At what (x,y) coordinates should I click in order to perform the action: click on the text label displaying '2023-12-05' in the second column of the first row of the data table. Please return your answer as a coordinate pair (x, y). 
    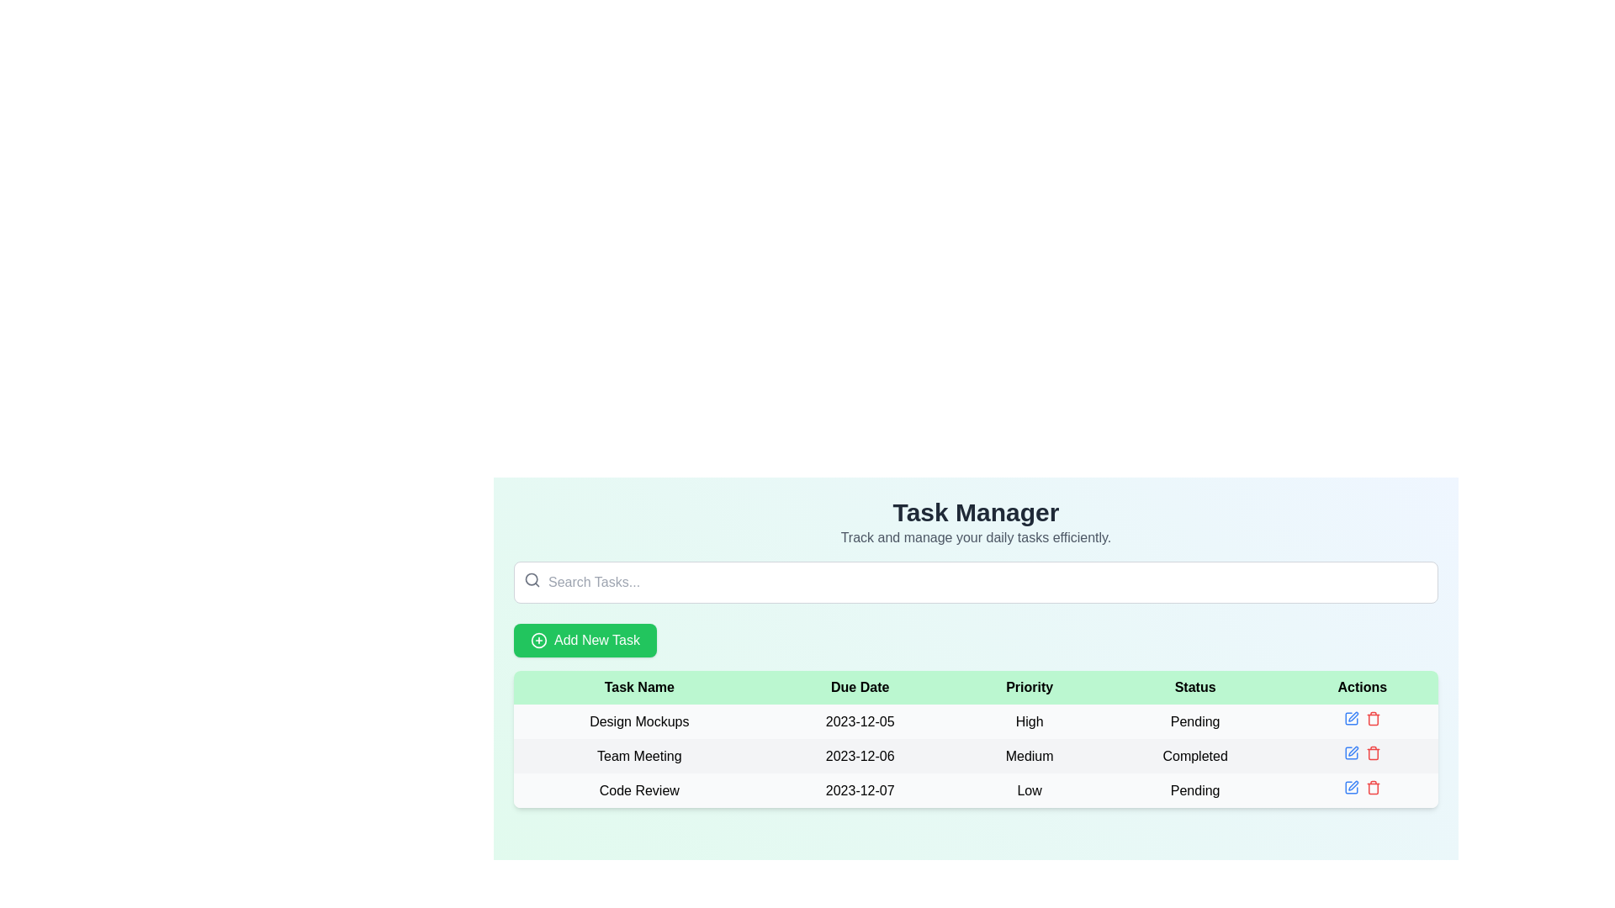
    Looking at the image, I should click on (860, 721).